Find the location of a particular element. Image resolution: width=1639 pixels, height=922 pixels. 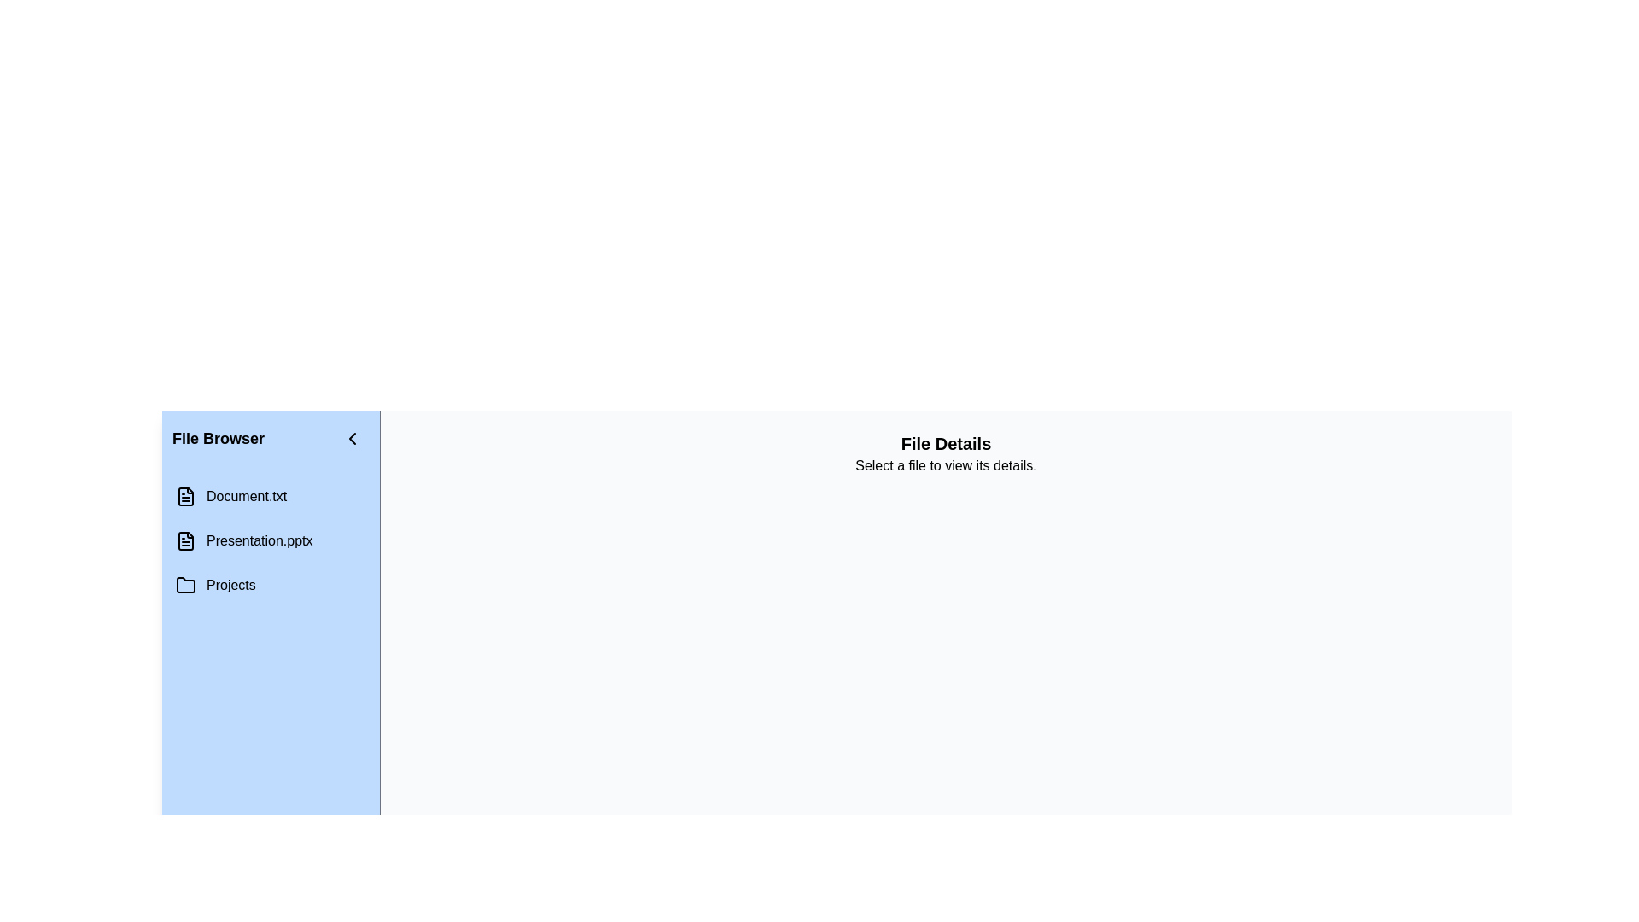

the 'Projects' text label located in the left sidebar under 'File Browser' to interact with the folder it represents is located at coordinates (230, 585).